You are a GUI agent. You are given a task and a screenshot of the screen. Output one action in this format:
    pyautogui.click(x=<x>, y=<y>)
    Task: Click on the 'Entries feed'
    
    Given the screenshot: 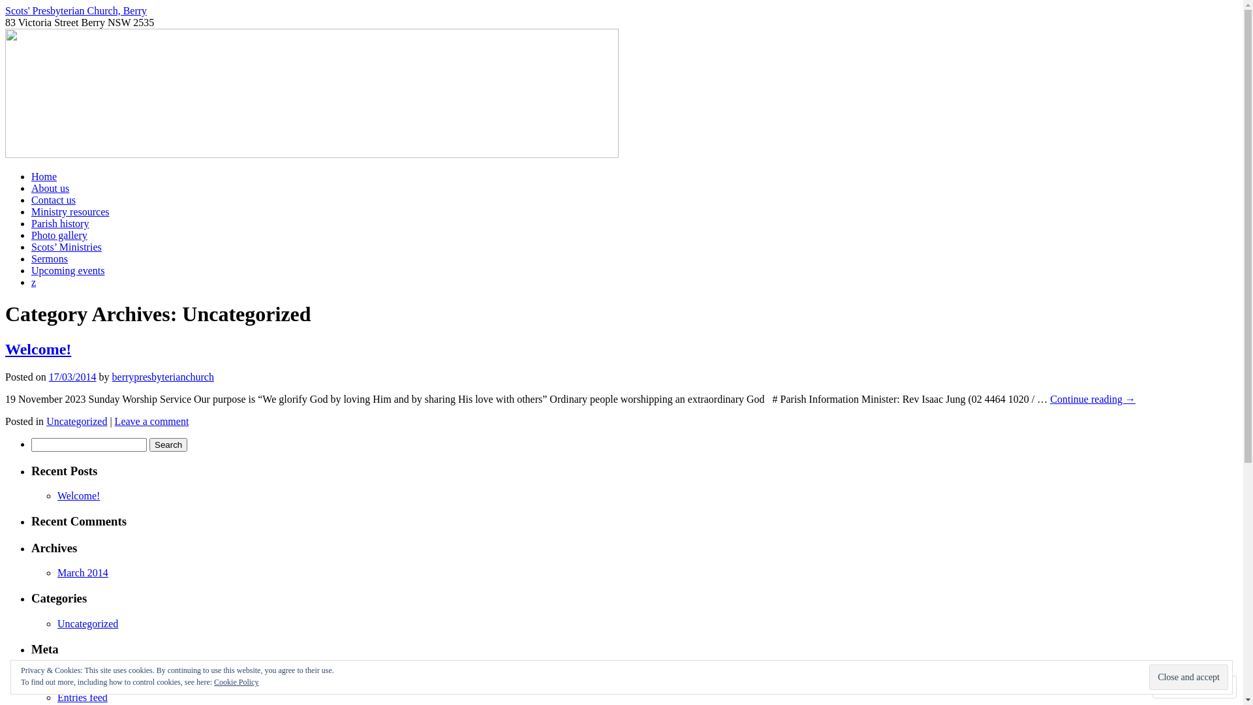 What is the action you would take?
    pyautogui.click(x=82, y=697)
    